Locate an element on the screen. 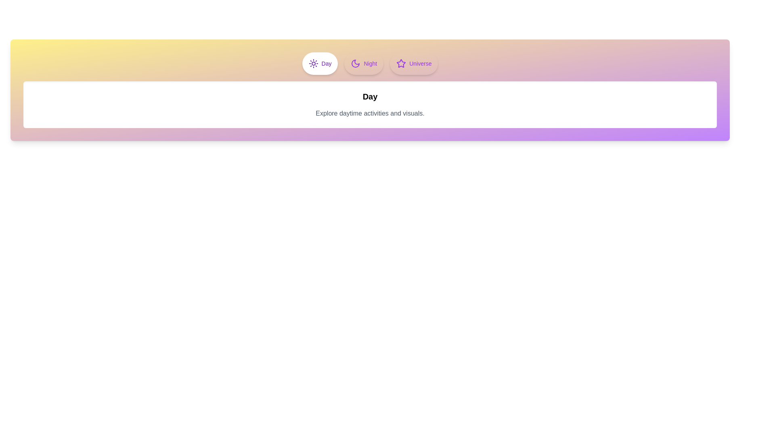  the Night tab to observe its hover effect is located at coordinates (364, 63).